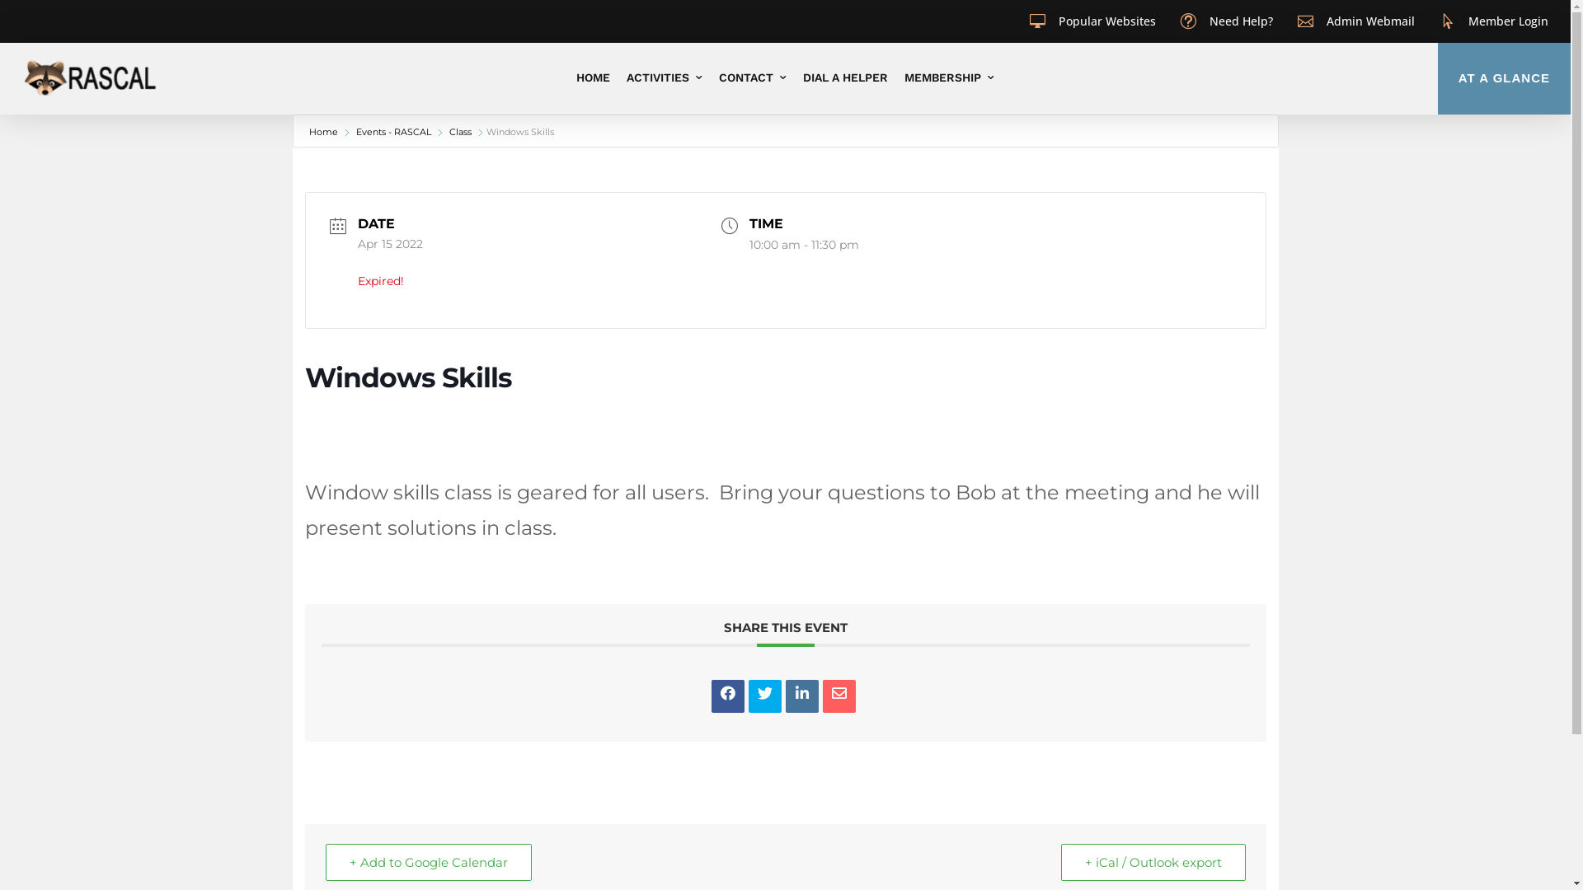 The height and width of the screenshot is (890, 1583). What do you see at coordinates (1468, 21) in the screenshot?
I see `'Member Login'` at bounding box center [1468, 21].